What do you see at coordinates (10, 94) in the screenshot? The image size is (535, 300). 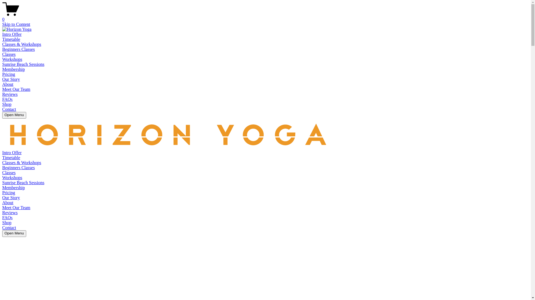 I see `'Reviews'` at bounding box center [10, 94].